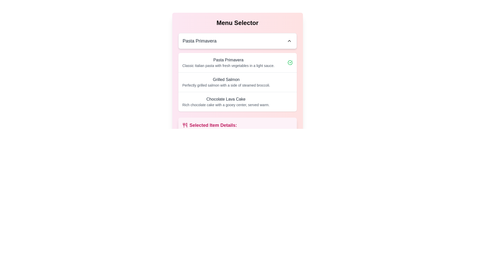  What do you see at coordinates (237, 102) in the screenshot?
I see `the third item in the 'Menu Selector' list, which is located below 'Grilled Salmon'` at bounding box center [237, 102].